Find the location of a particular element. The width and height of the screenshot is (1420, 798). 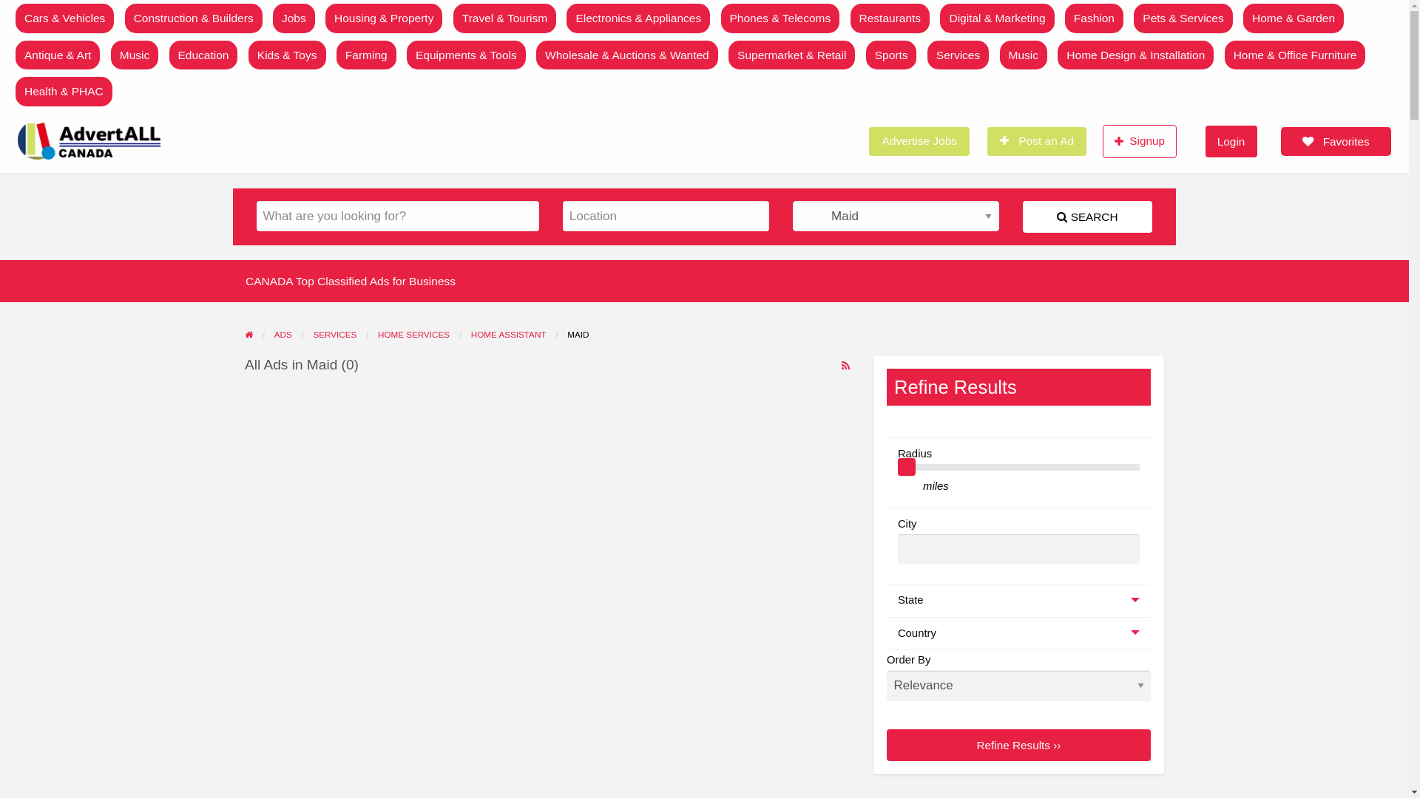

'Health & PHAC' is located at coordinates (63, 91).